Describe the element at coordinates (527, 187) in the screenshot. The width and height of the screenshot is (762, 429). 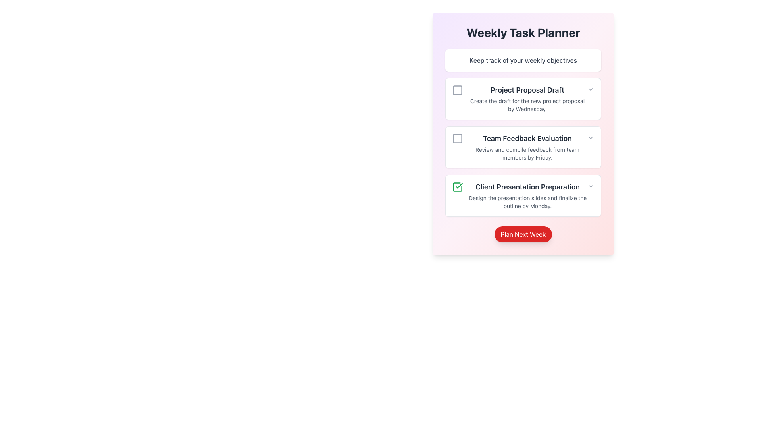
I see `the title text of the third task card in the task list, which identifies the main focus of the corresponding task block` at that location.